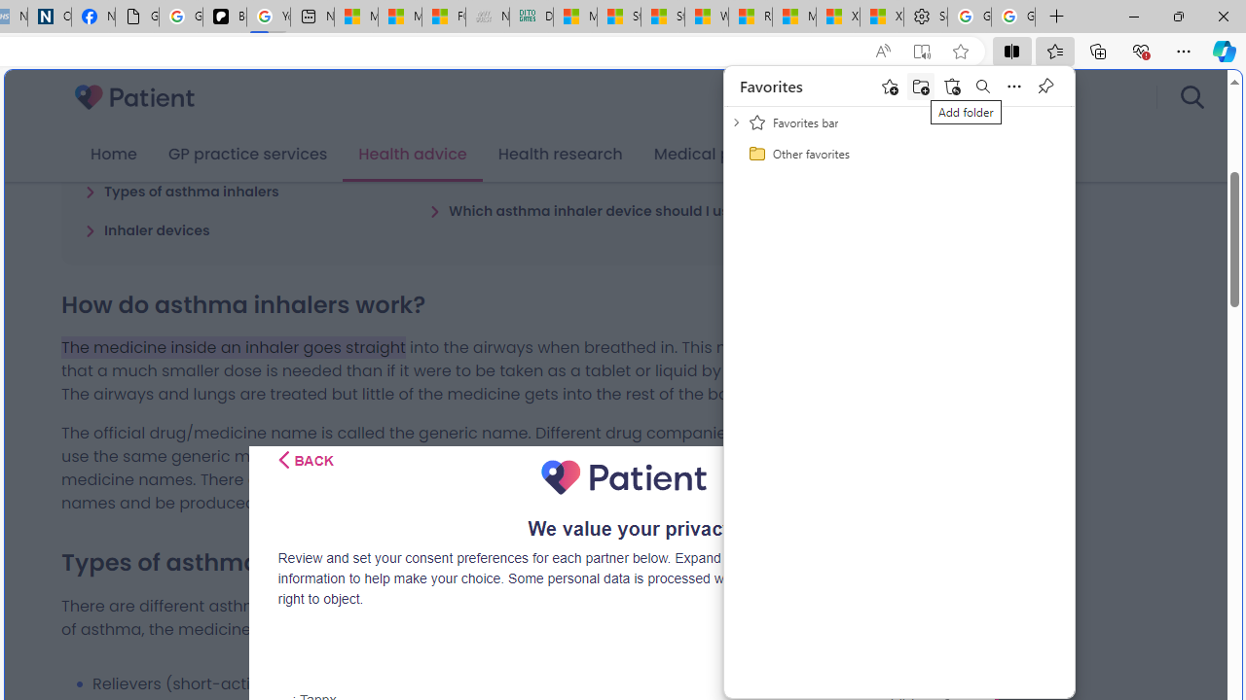 The image size is (1246, 700). Describe the element at coordinates (951, 85) in the screenshot. I see `'Restore deleted favorites'` at that location.